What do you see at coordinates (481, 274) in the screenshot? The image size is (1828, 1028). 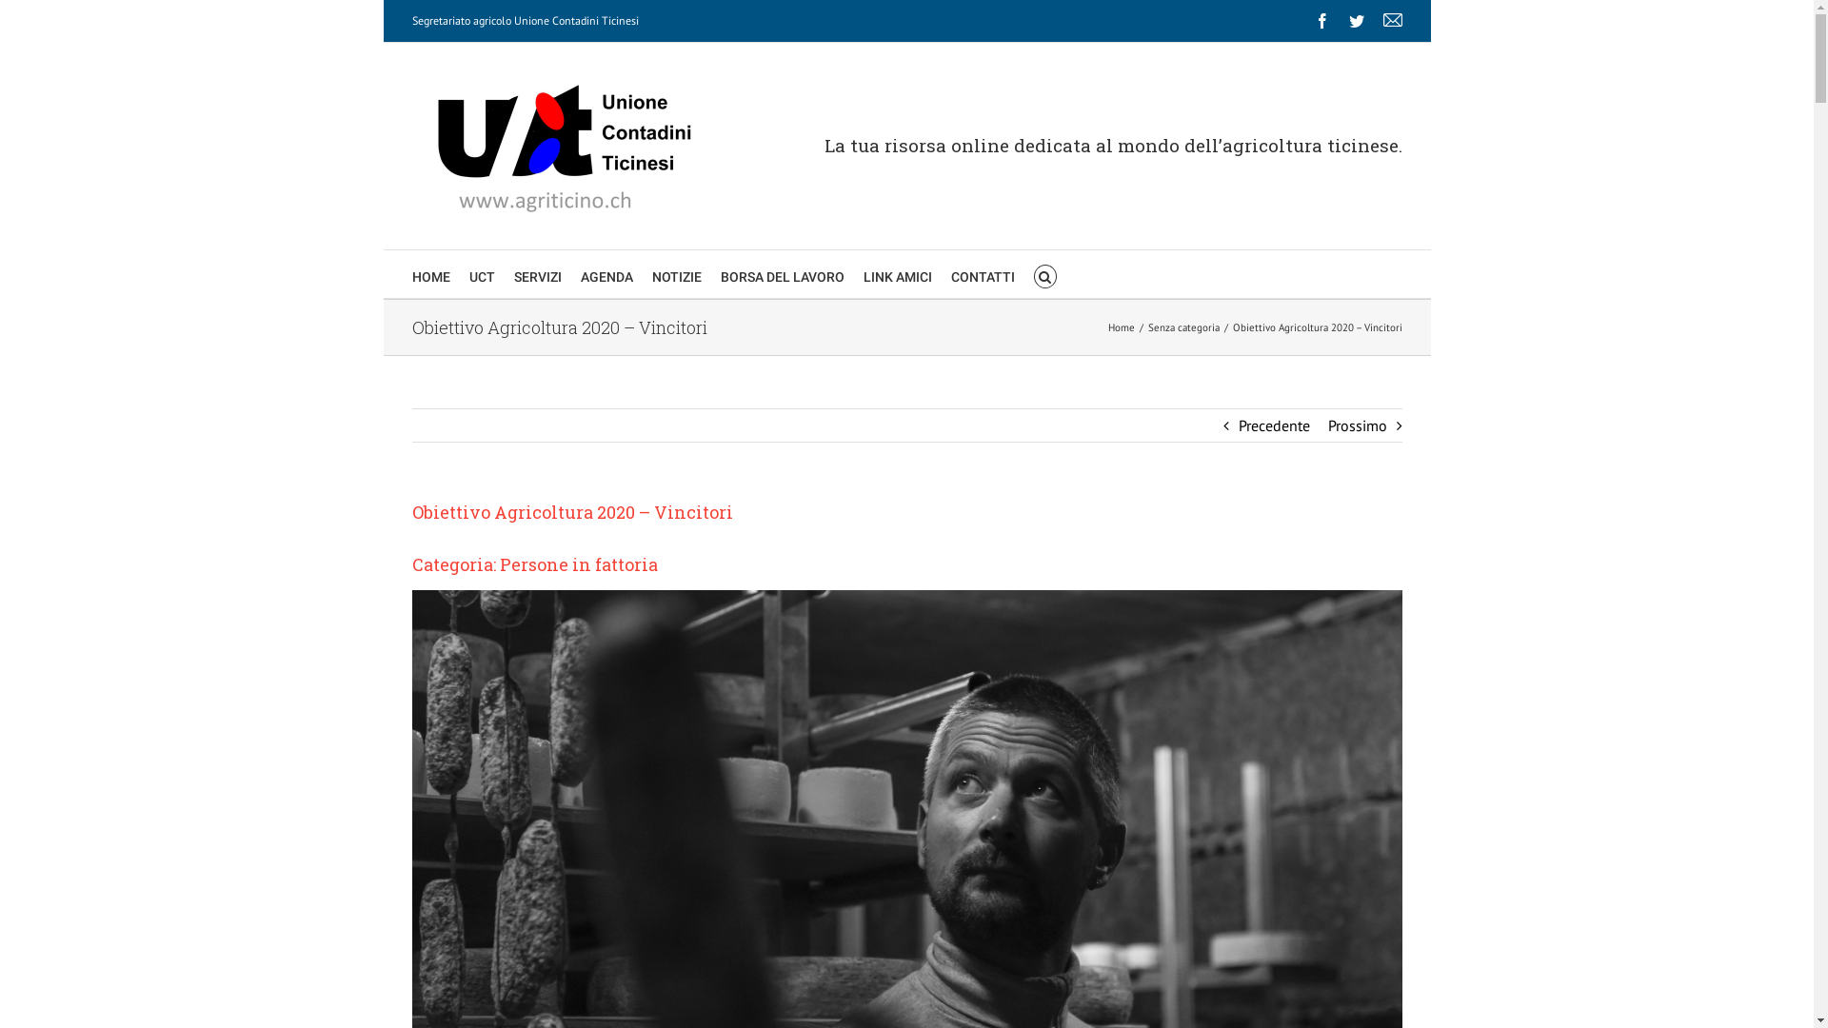 I see `'UCT'` at bounding box center [481, 274].